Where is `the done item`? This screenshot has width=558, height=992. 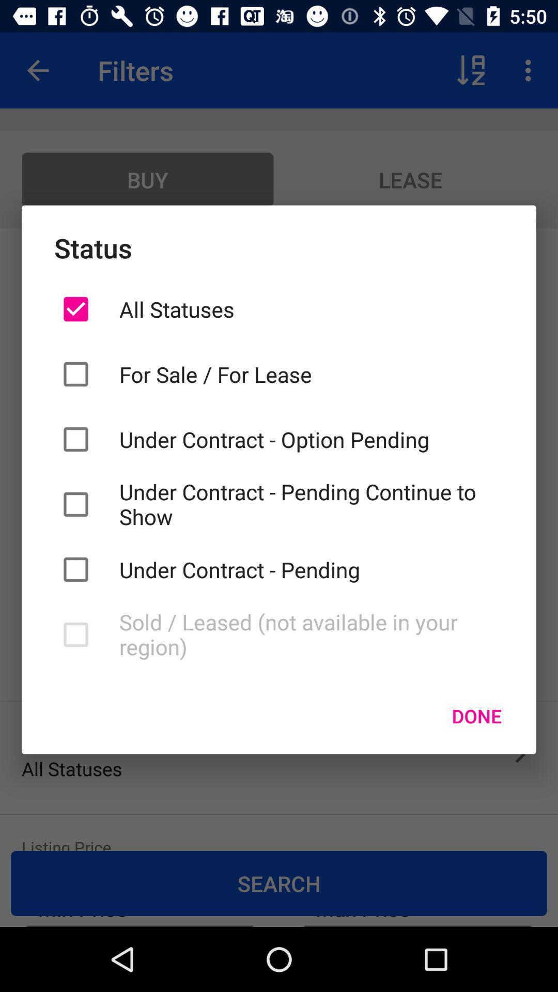
the done item is located at coordinates (476, 716).